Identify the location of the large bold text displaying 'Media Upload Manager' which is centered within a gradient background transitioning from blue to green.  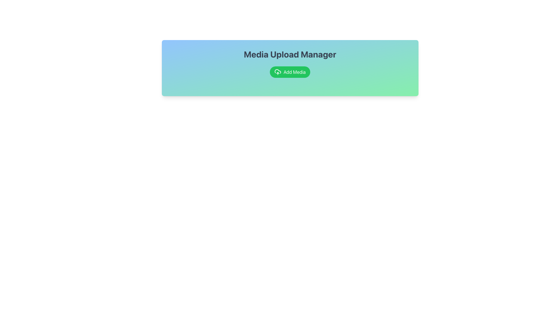
(290, 54).